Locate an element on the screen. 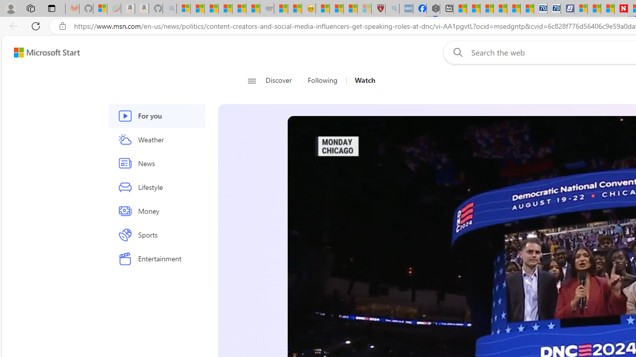 The height and width of the screenshot is (357, 636). 'Newsweek - News, Analysis, Politics, Business, Technology' is located at coordinates (620, 8).